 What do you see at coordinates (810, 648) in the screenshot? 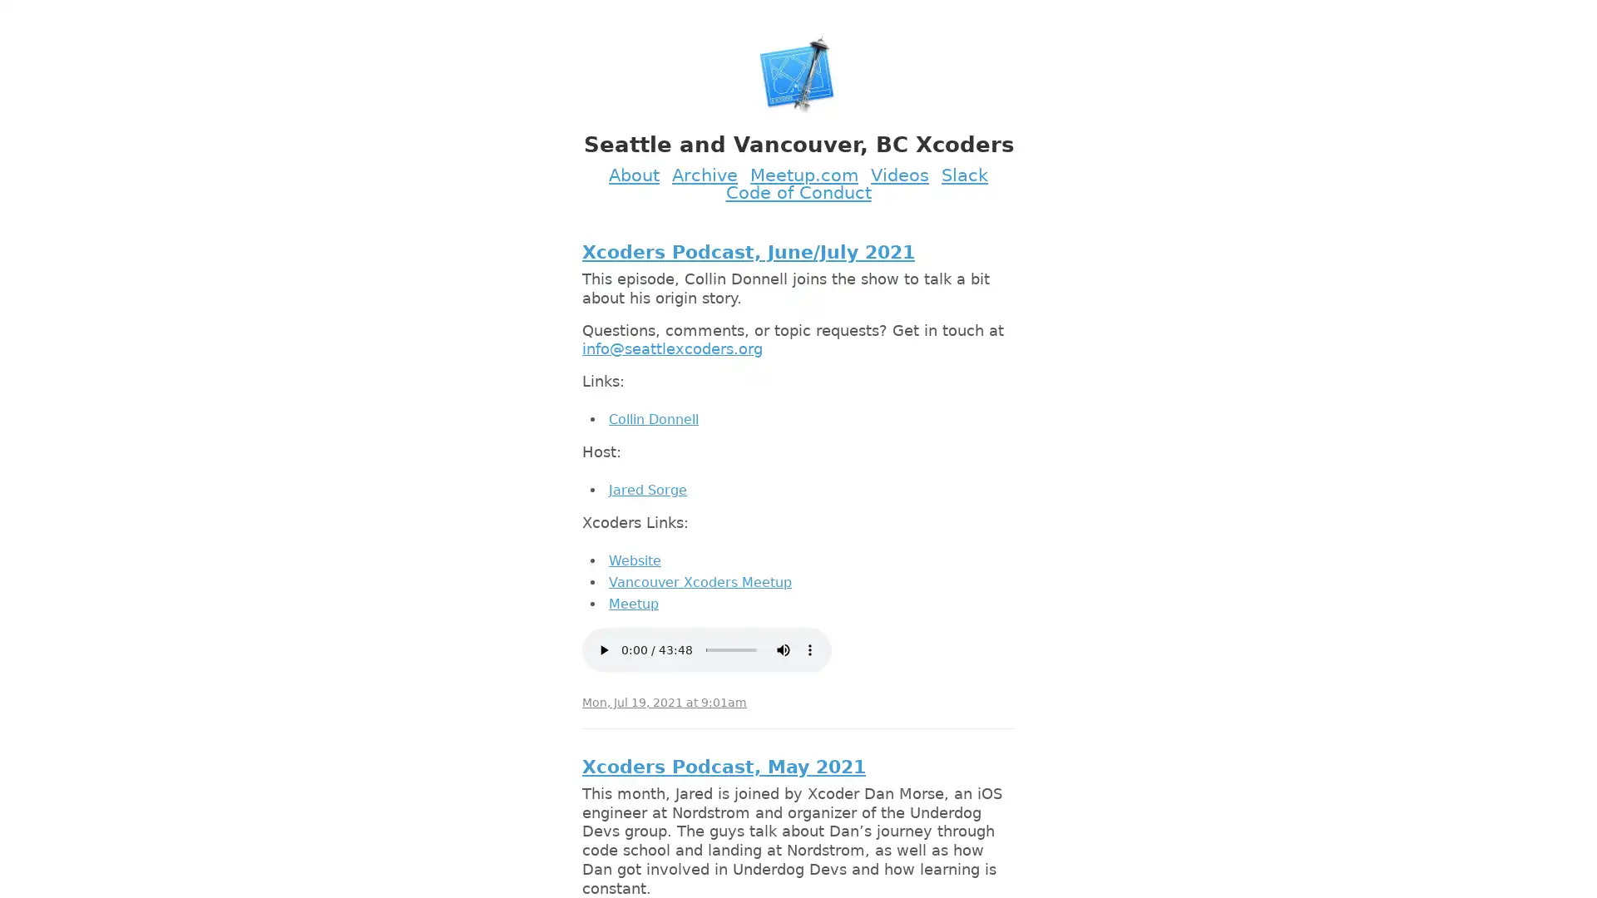
I see `show more media controls` at bounding box center [810, 648].